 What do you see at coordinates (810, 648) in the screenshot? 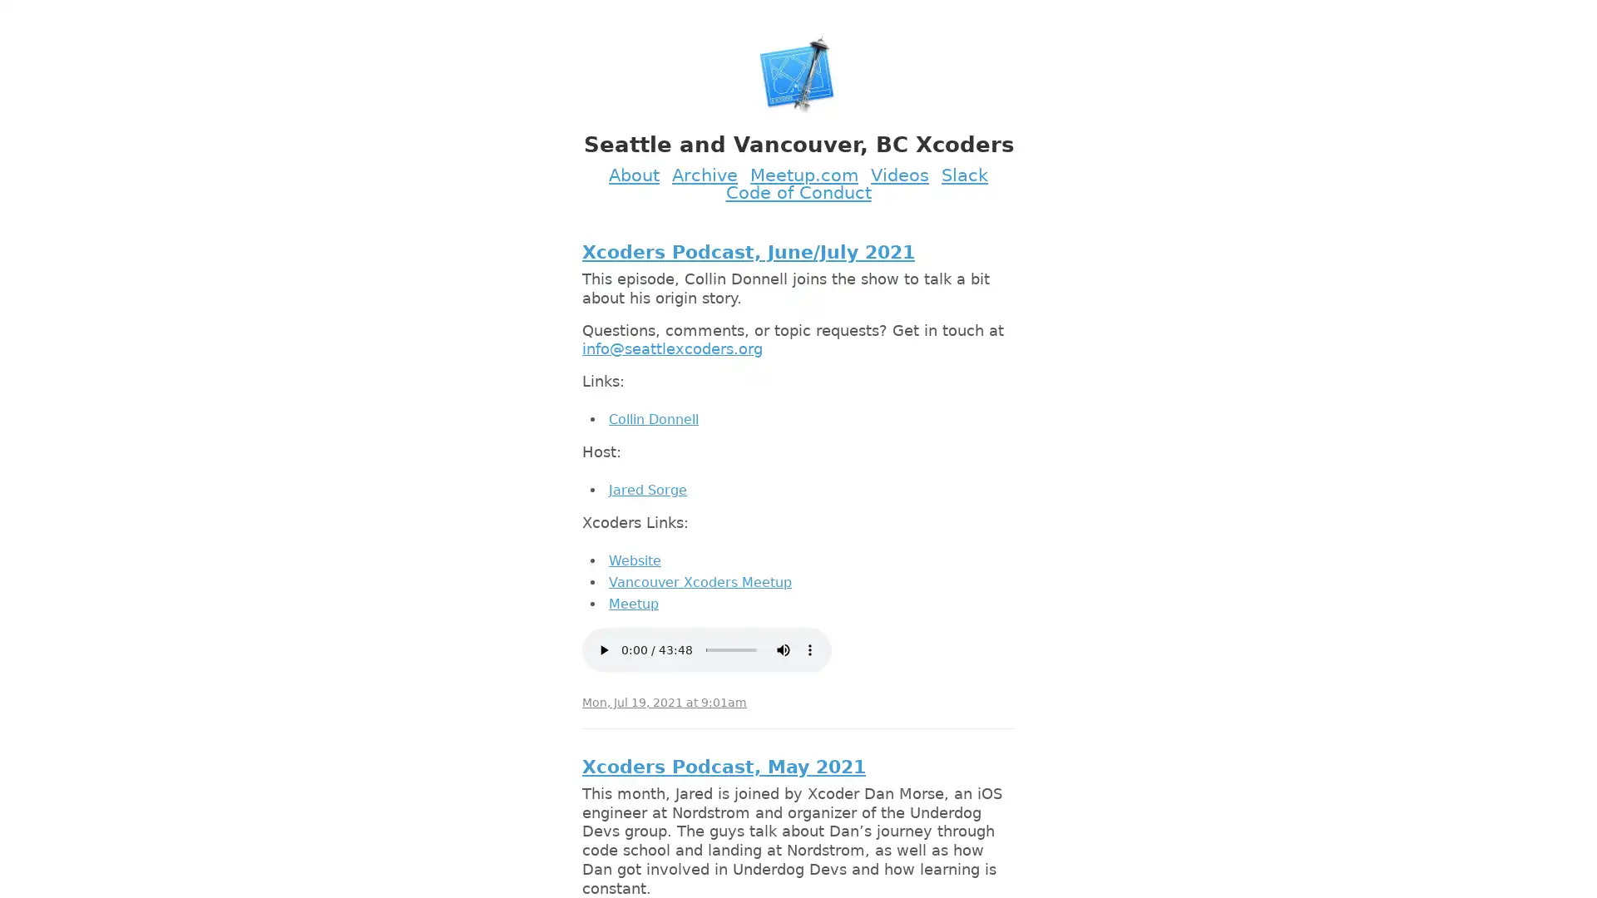
I see `show more media controls` at bounding box center [810, 648].